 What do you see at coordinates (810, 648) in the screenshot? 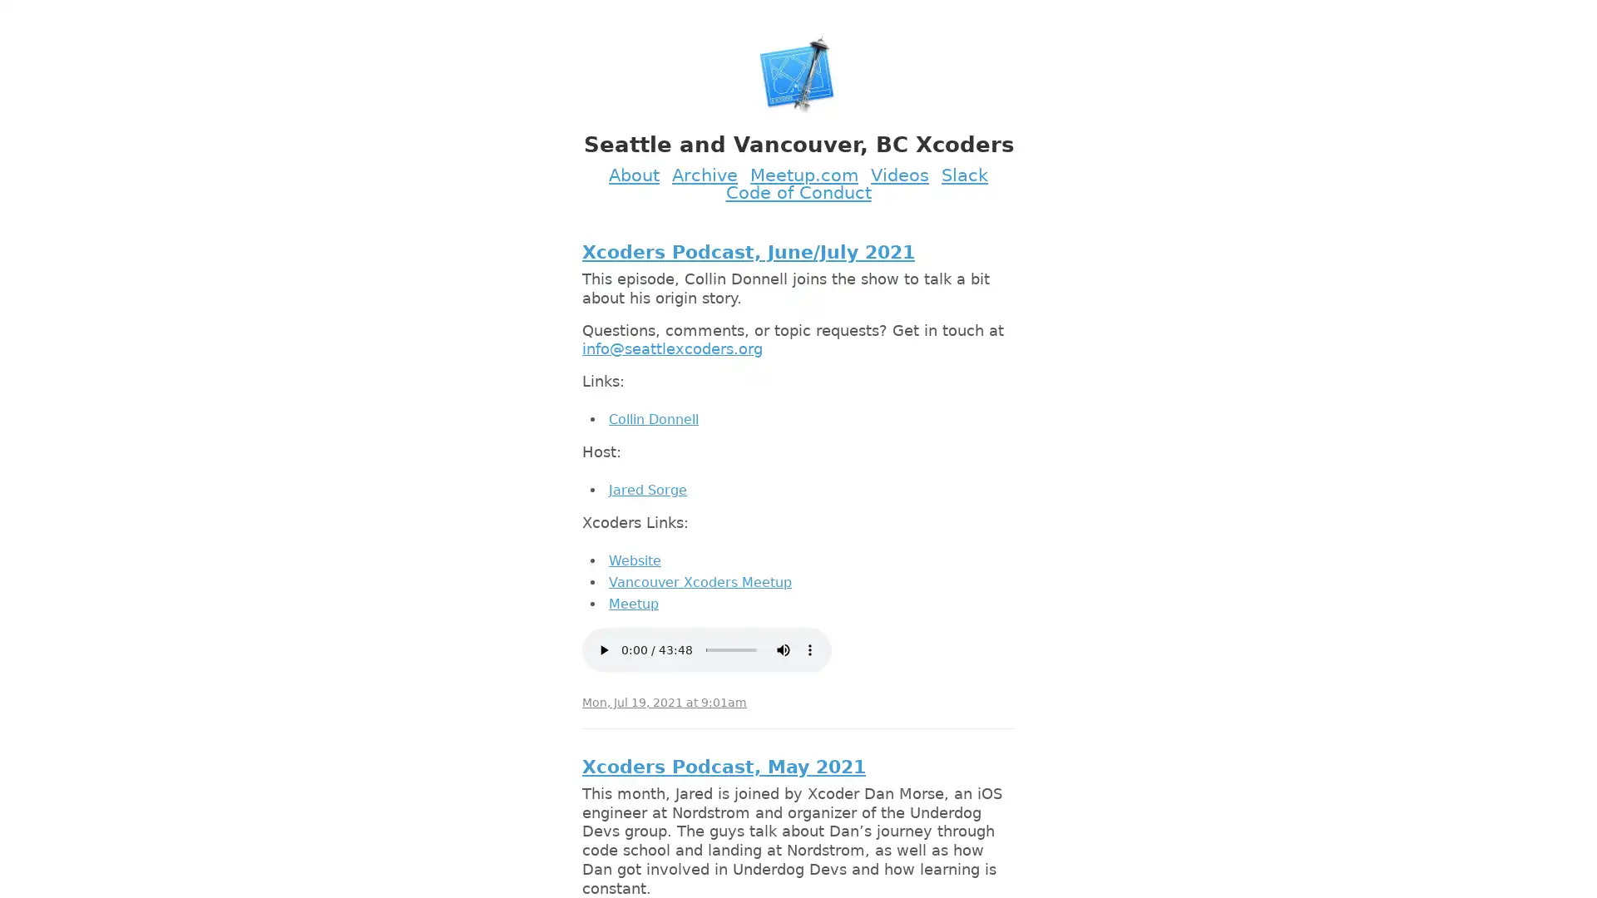
I see `show more media controls` at bounding box center [810, 648].